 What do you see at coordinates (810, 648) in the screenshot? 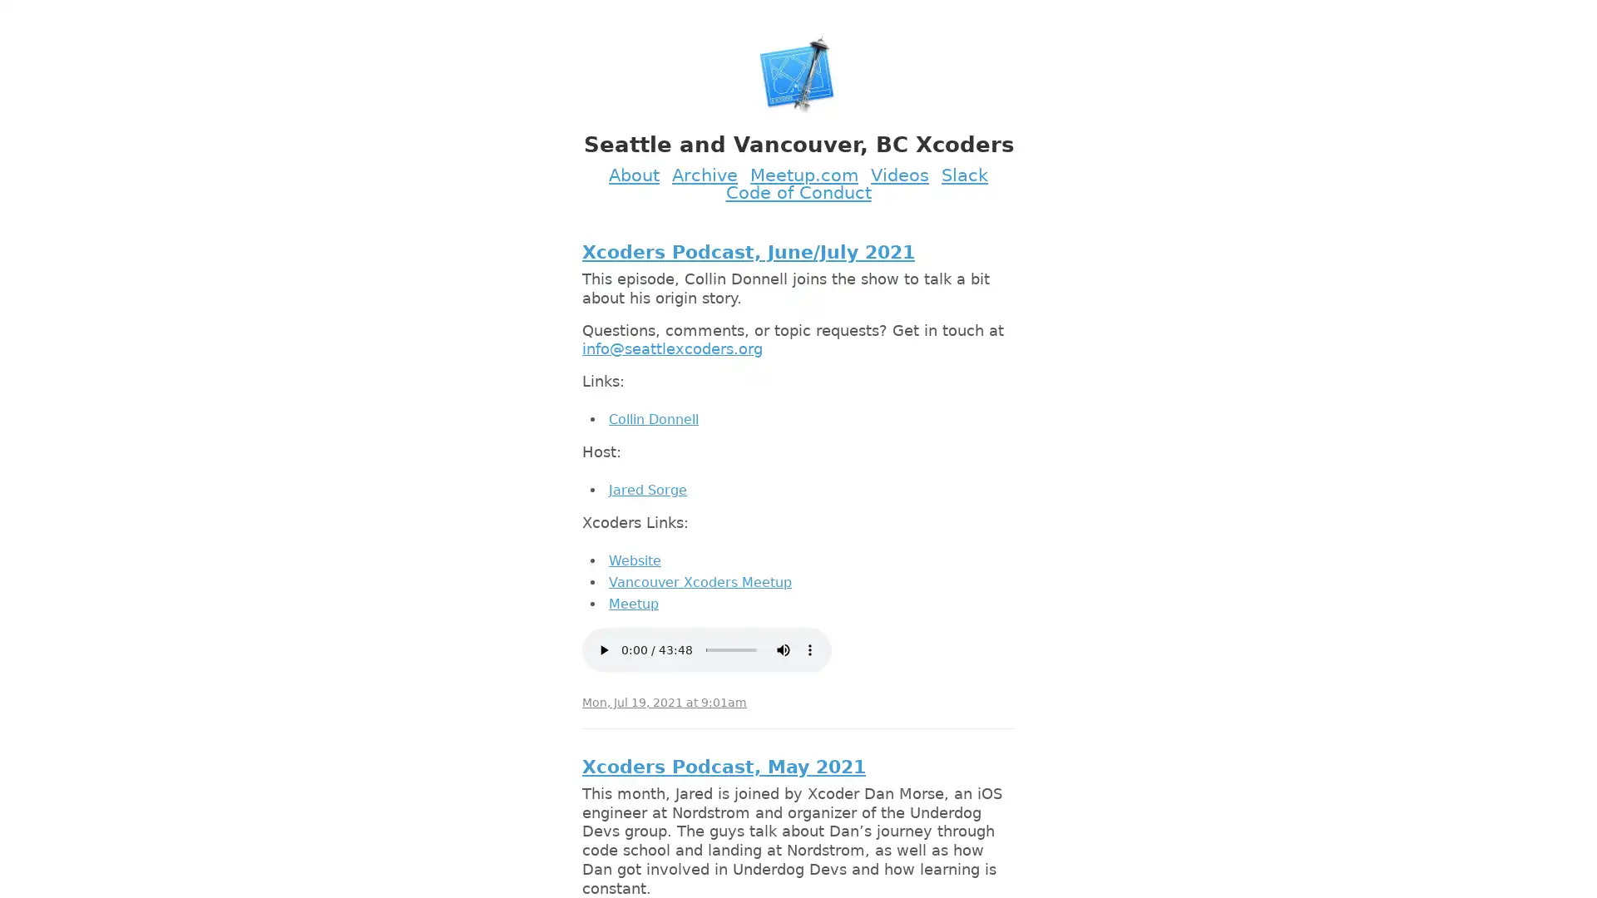
I see `show more media controls` at bounding box center [810, 648].